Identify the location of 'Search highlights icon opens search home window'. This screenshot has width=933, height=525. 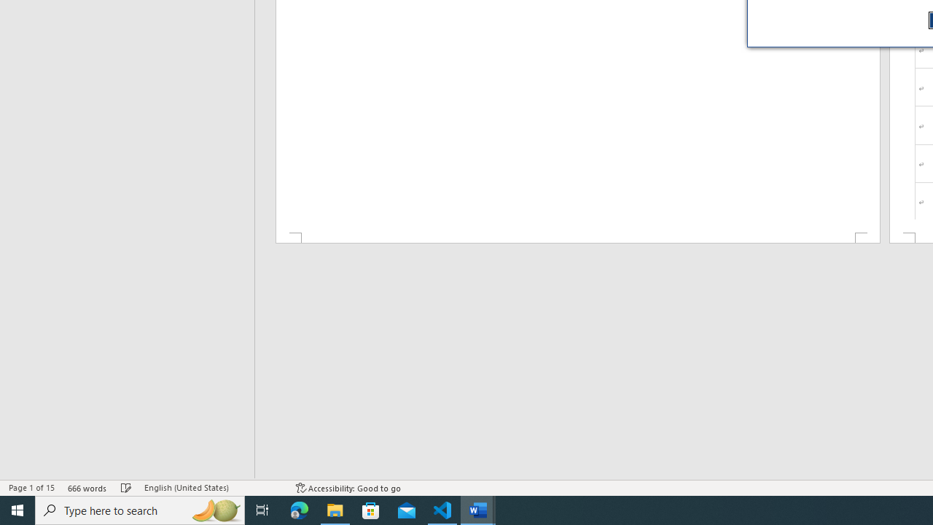
(214, 509).